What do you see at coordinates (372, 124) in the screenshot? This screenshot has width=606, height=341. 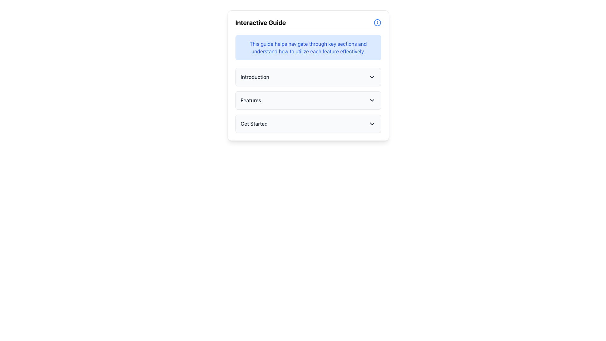 I see `the downward-facing chevron icon located next to the 'Get Started' text` at bounding box center [372, 124].